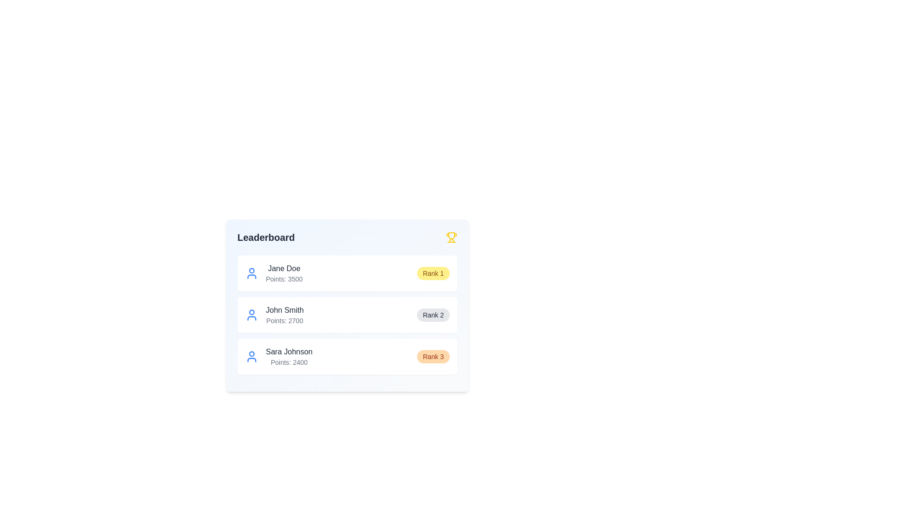 This screenshot has width=909, height=511. What do you see at coordinates (288, 362) in the screenshot?
I see `the text label displaying the points earned by the user, located under the name 'Sara Johnson' in the leaderboard` at bounding box center [288, 362].